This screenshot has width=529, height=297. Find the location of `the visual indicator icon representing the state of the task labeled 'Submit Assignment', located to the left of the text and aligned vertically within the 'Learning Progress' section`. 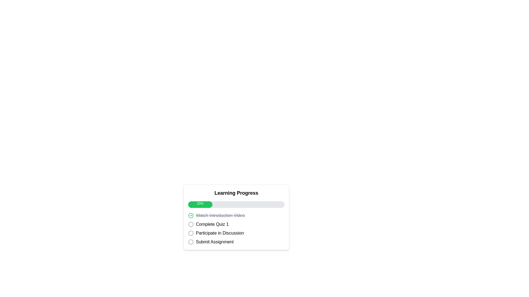

the visual indicator icon representing the state of the task labeled 'Submit Assignment', located to the left of the text and aligned vertically within the 'Learning Progress' section is located at coordinates (191, 241).